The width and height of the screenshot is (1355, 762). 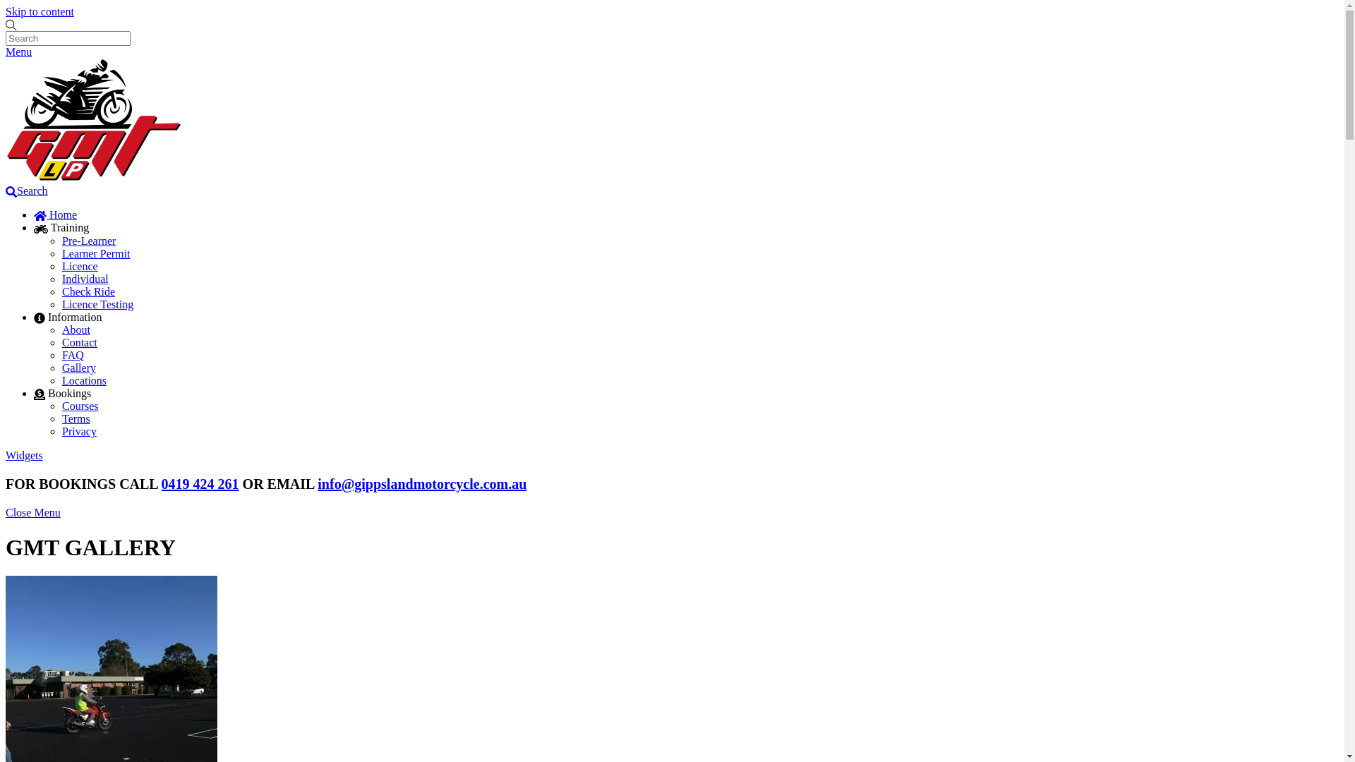 I want to click on 'Search', so click(x=67, y=37).